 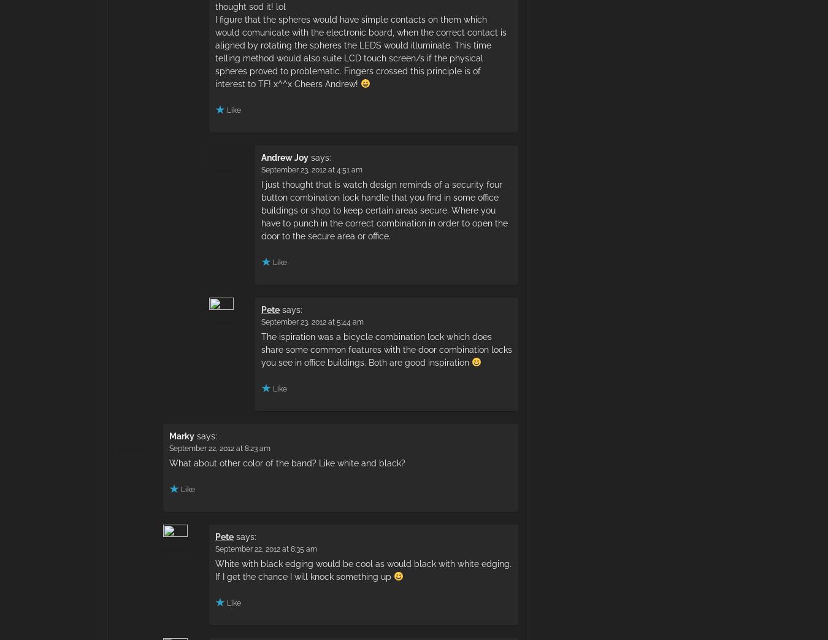 I want to click on 'September 23, 2012 at 5:44 am', so click(x=312, y=322).